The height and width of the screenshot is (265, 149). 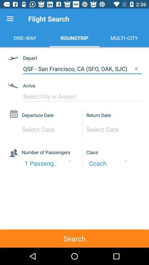 What do you see at coordinates (82, 96) in the screenshot?
I see `airplane mode` at bounding box center [82, 96].